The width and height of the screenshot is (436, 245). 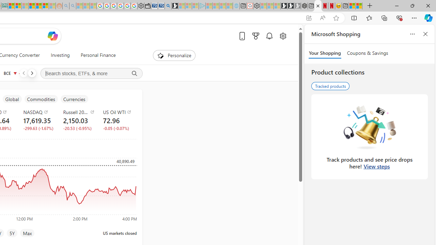 I want to click on 'Bing Real Estate - Home sales and rental listings', so click(x=168, y=6).